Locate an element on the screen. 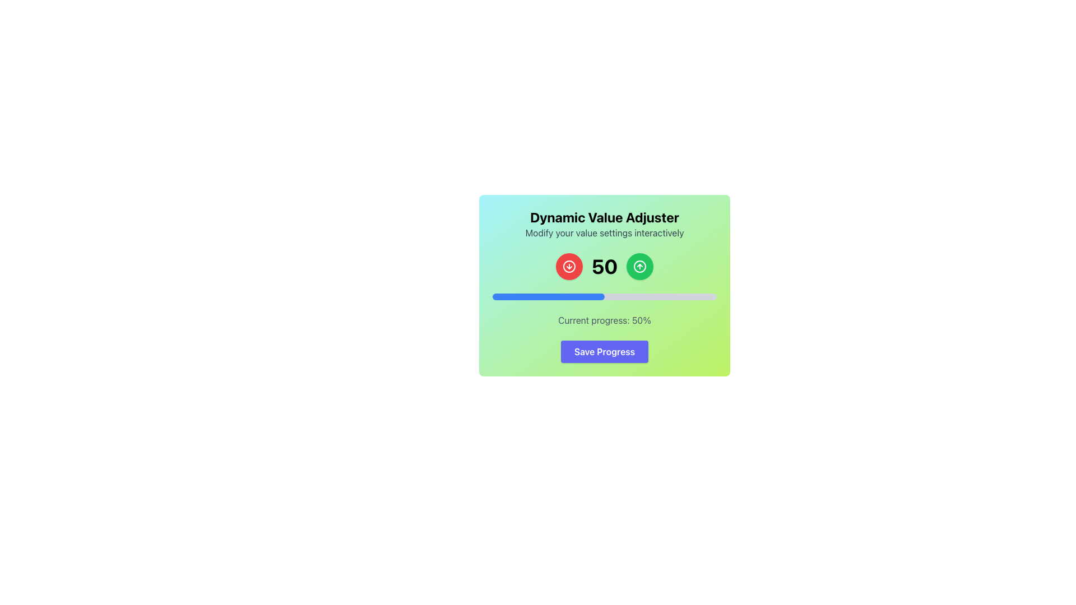  the red circular button with a downward arrow by is located at coordinates (569, 266).